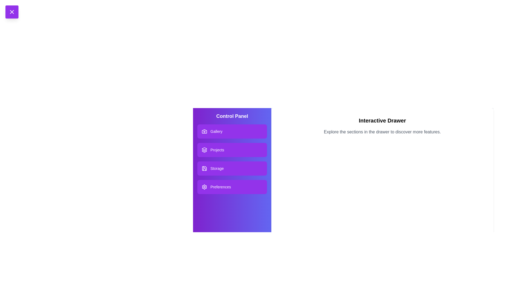 The image size is (522, 294). What do you see at coordinates (232, 168) in the screenshot?
I see `the Storage section in the drawer` at bounding box center [232, 168].